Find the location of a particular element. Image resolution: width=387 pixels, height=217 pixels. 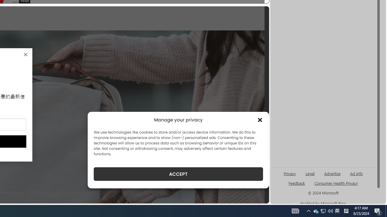

'Class: cmplz-close' is located at coordinates (260, 120).